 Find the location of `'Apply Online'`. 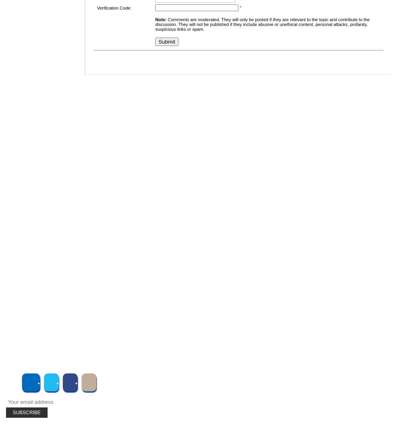

'Apply Online' is located at coordinates (42, 211).